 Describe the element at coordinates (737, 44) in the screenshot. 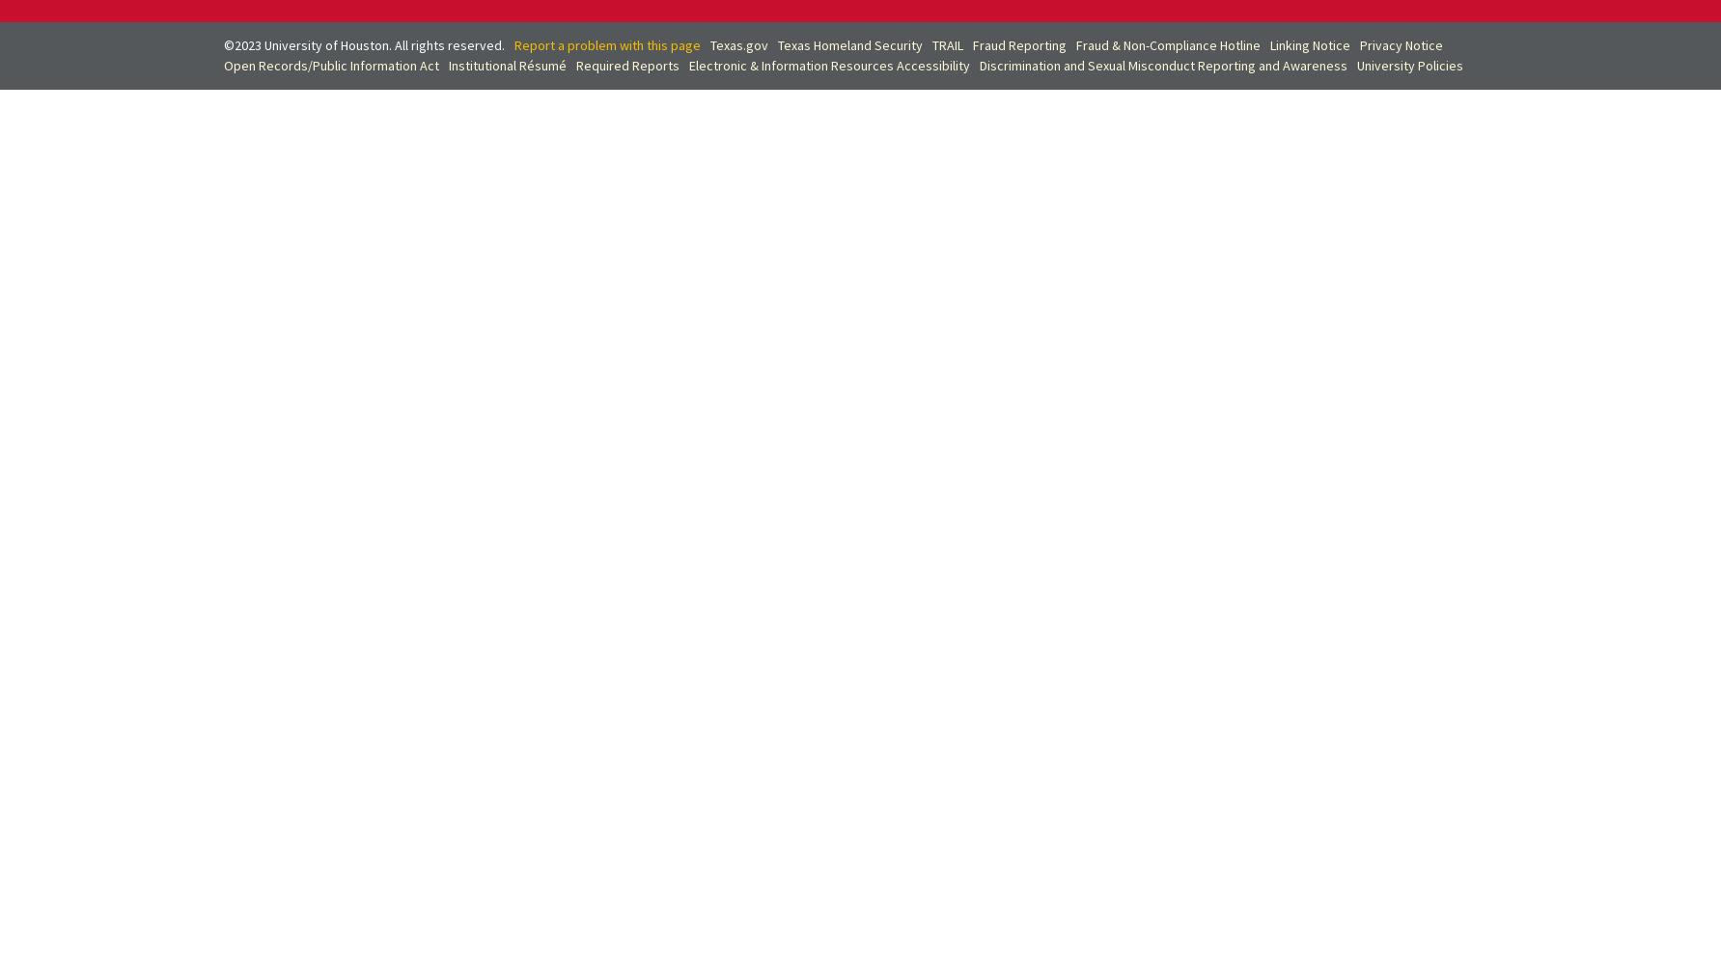

I see `'Texas.gov'` at that location.